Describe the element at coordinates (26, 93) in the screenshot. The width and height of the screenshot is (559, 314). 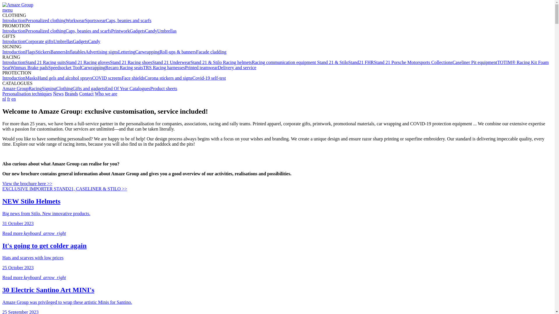
I see `'Personalisation techniques'` at that location.